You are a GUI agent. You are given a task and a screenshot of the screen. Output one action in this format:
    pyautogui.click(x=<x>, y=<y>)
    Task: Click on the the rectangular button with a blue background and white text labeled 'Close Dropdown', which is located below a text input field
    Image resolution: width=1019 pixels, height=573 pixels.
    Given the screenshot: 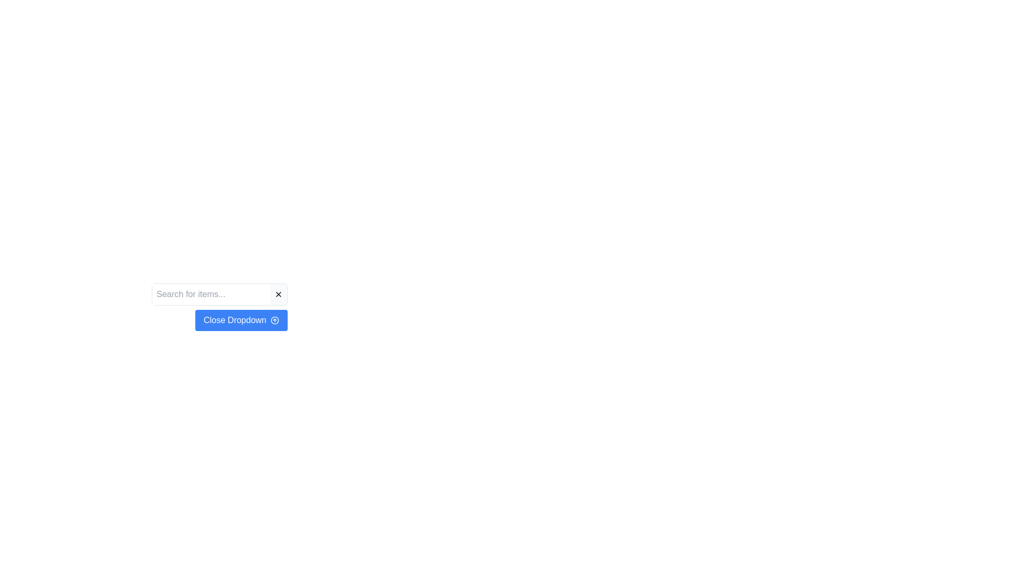 What is the action you would take?
    pyautogui.click(x=219, y=307)
    